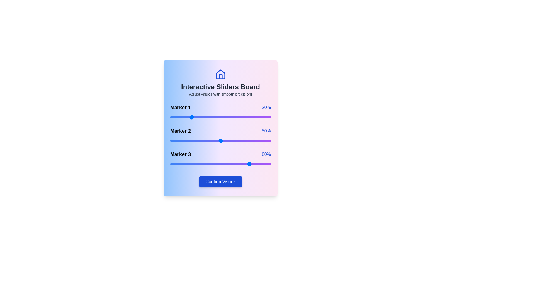 The width and height of the screenshot is (535, 301). I want to click on the slider for Marker 1 to 27%, so click(197, 117).